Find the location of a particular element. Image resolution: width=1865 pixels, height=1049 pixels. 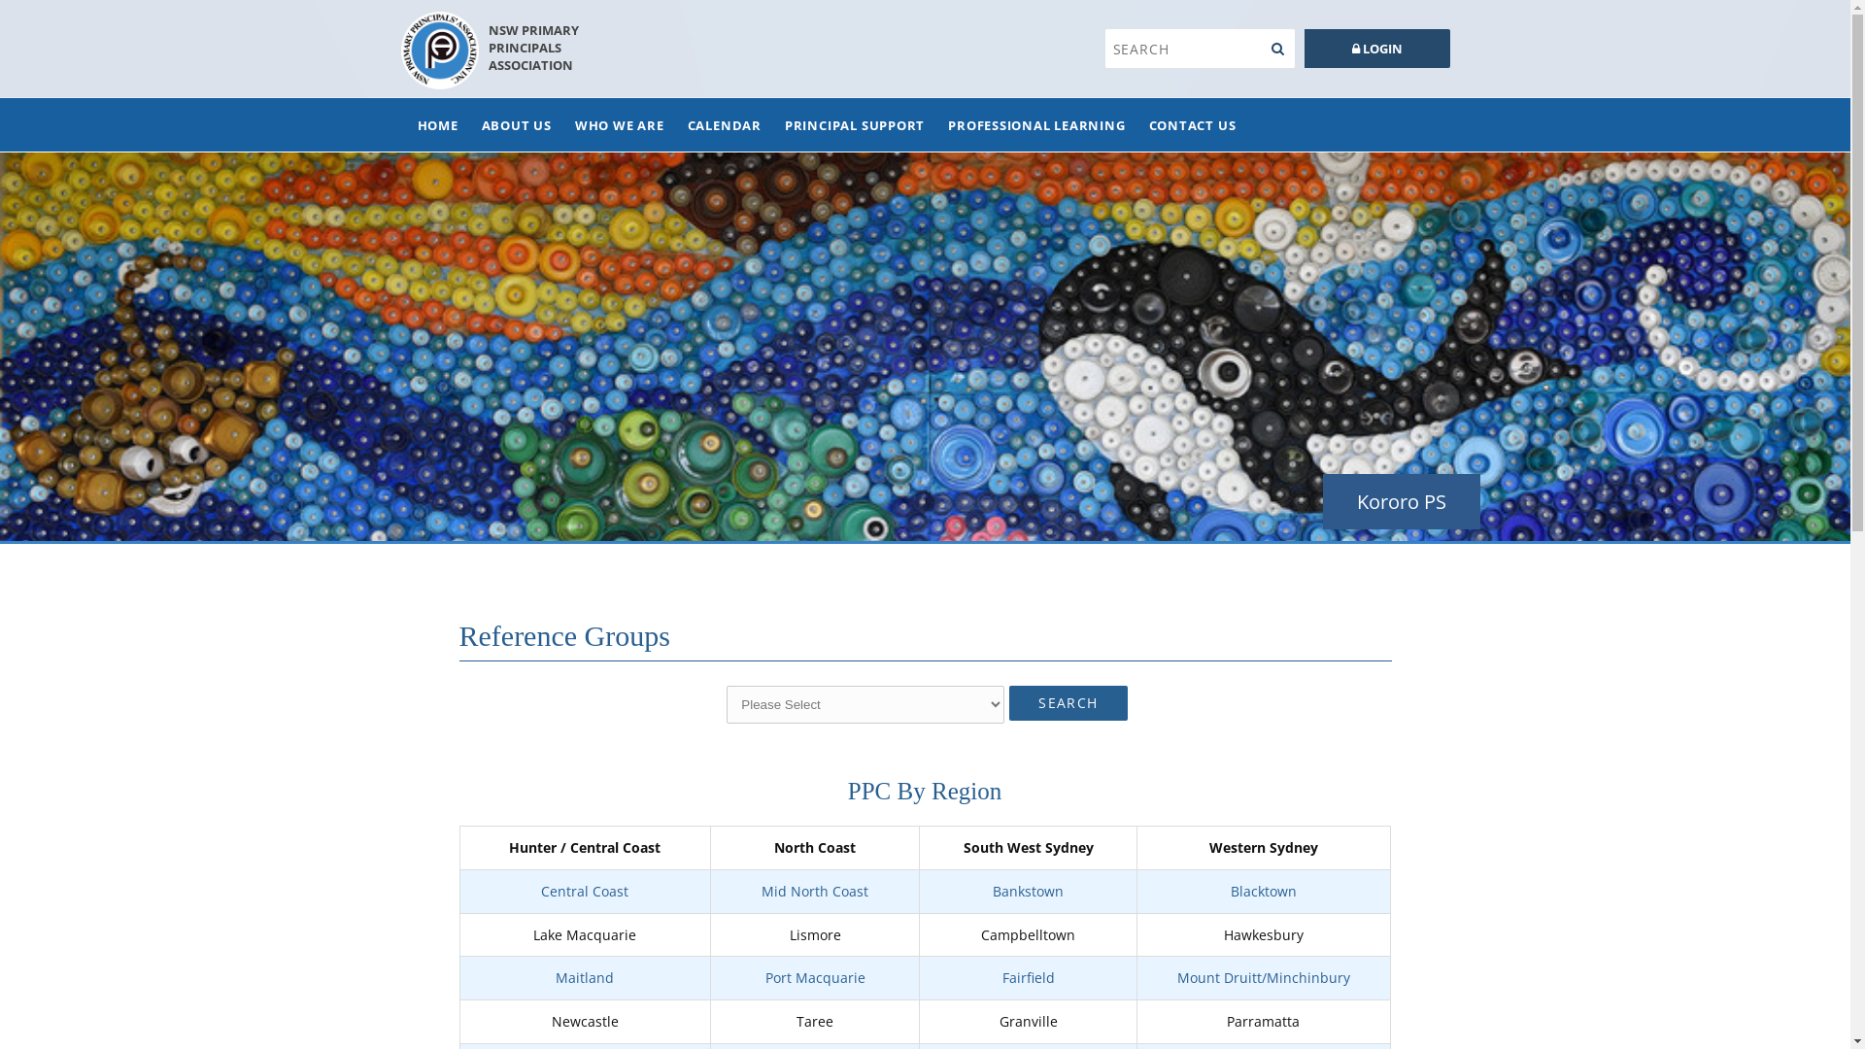

'CONTACT US' is located at coordinates (1192, 124).